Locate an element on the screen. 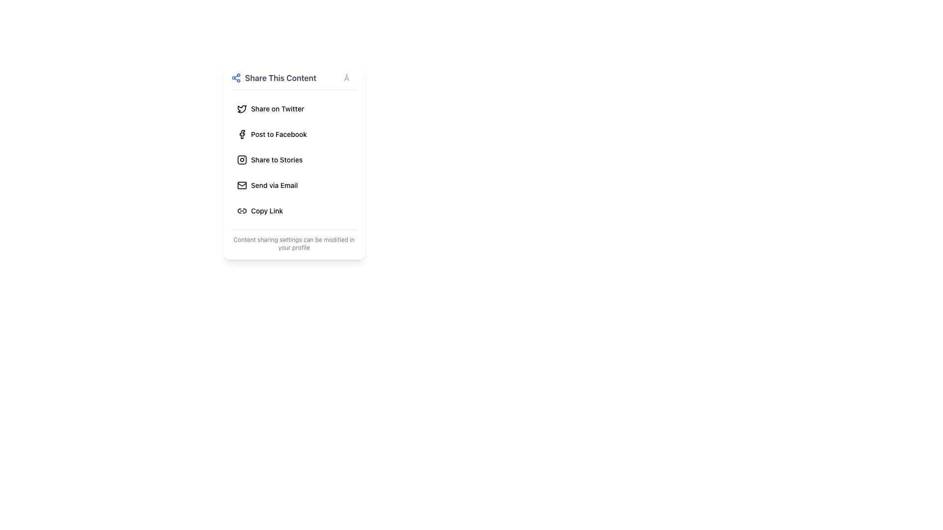 The height and width of the screenshot is (530, 943). the main rectangular body of the envelope icon in the 'Send via Email' option located fourth in the vertical list of sharing options is located at coordinates (242, 185).